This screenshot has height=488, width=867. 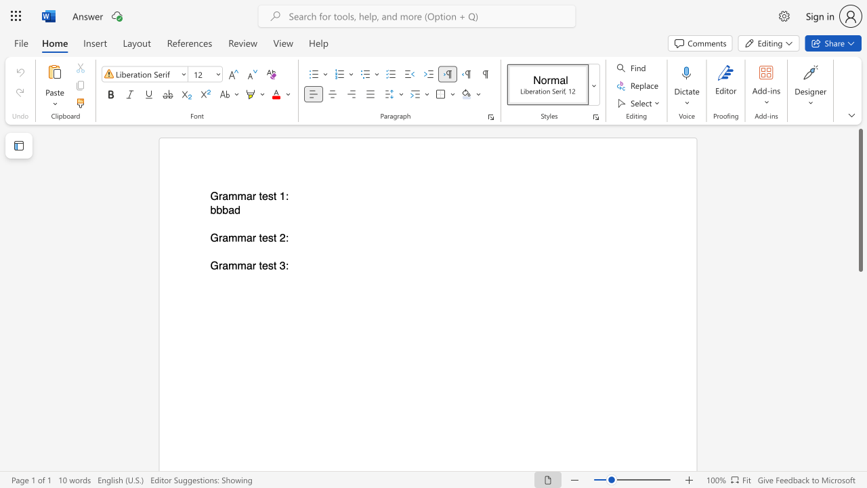 I want to click on the right-hand scrollbar to descend the page, so click(x=860, y=405).